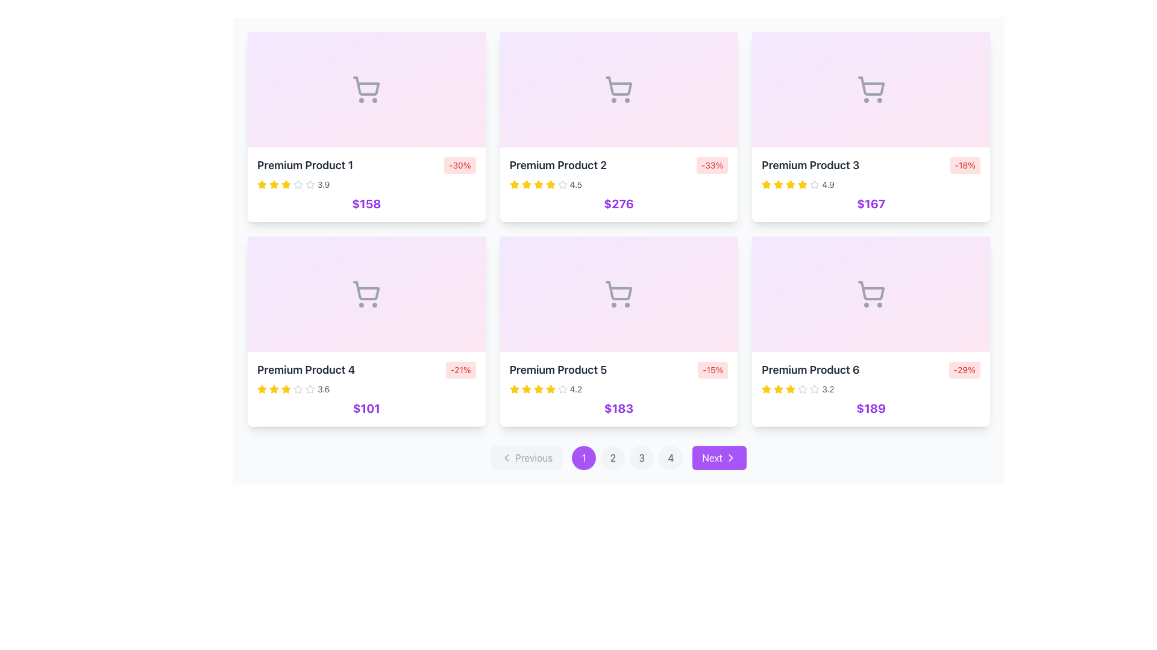  What do you see at coordinates (305, 165) in the screenshot?
I see `the 'Premium Product 1' text label` at bounding box center [305, 165].